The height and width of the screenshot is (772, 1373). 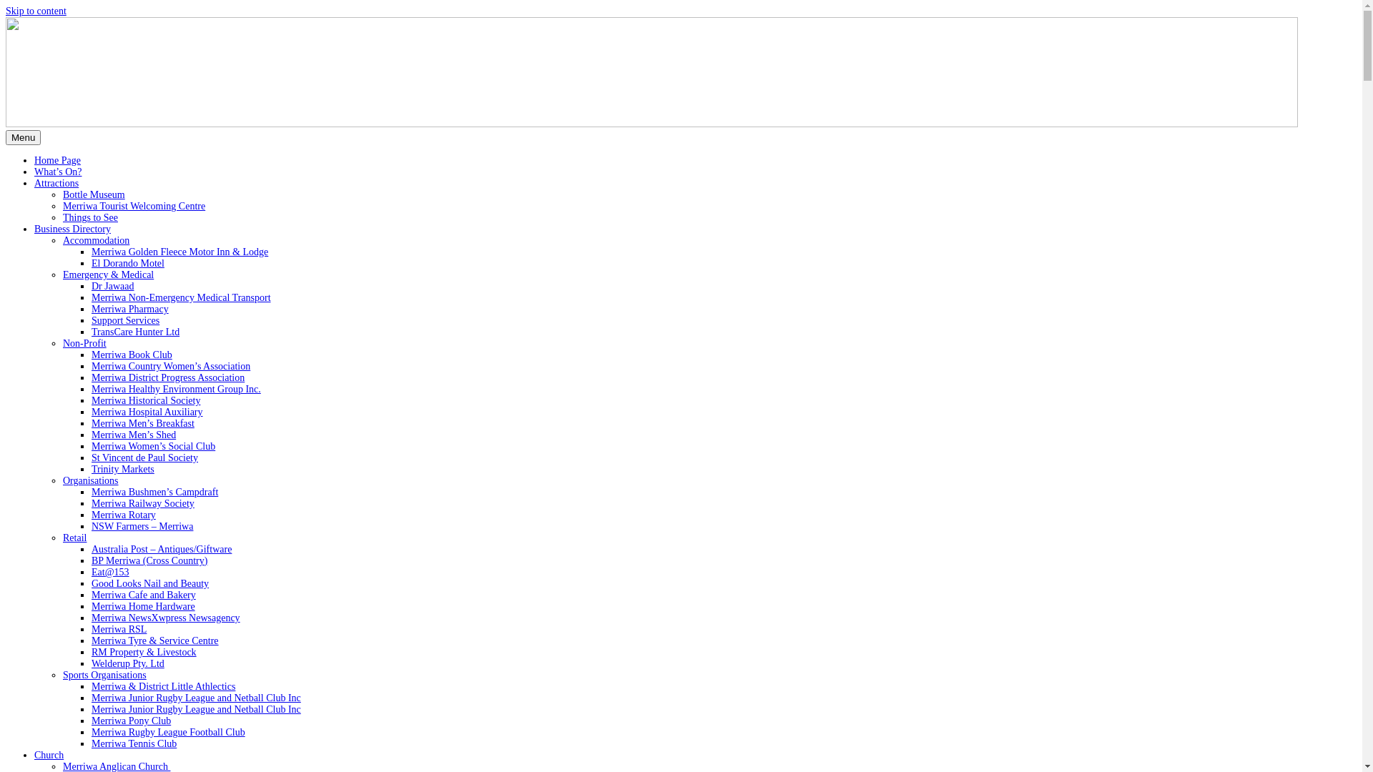 I want to click on 'Organisations', so click(x=89, y=480).